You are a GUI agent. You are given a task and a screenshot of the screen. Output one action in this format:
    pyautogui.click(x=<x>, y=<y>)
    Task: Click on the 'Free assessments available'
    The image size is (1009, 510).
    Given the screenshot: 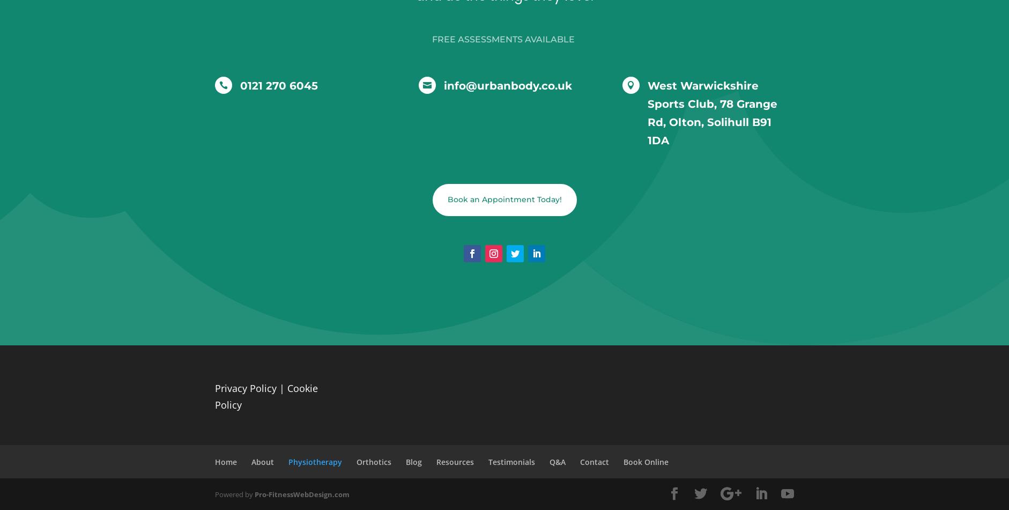 What is the action you would take?
    pyautogui.click(x=432, y=39)
    